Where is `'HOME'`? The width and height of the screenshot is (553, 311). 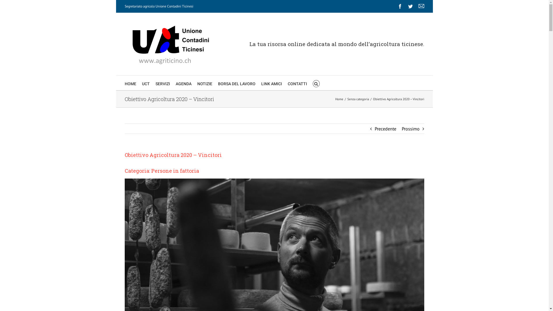
'HOME' is located at coordinates (130, 83).